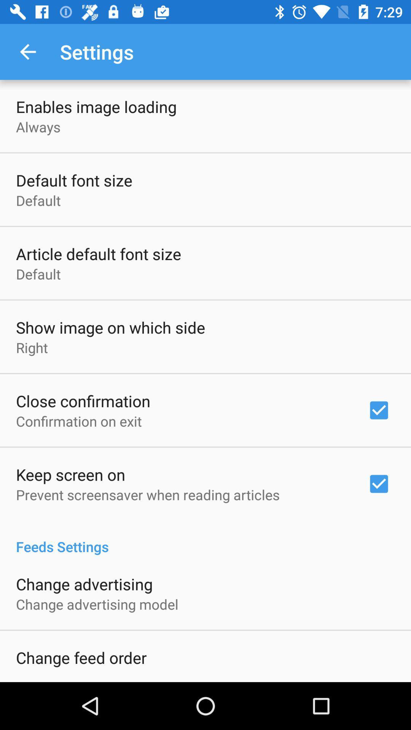 Image resolution: width=411 pixels, height=730 pixels. I want to click on icon below show image on item, so click(32, 347).